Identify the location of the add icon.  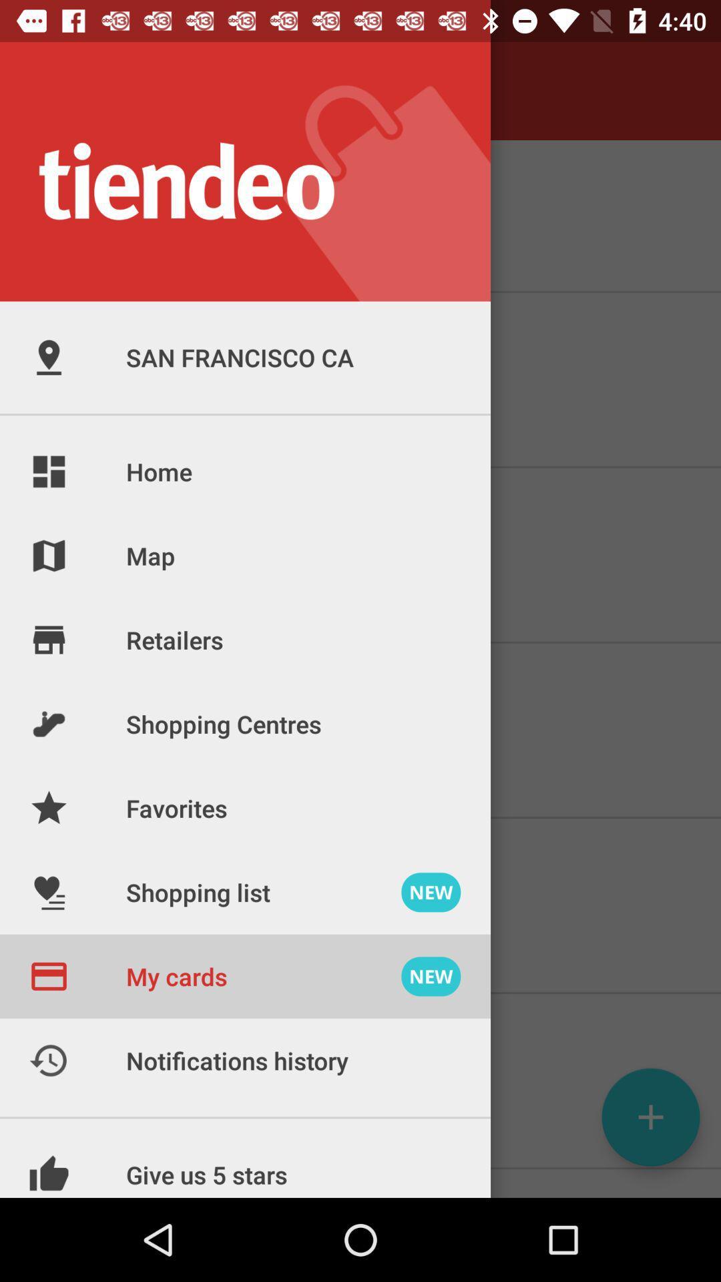
(650, 1117).